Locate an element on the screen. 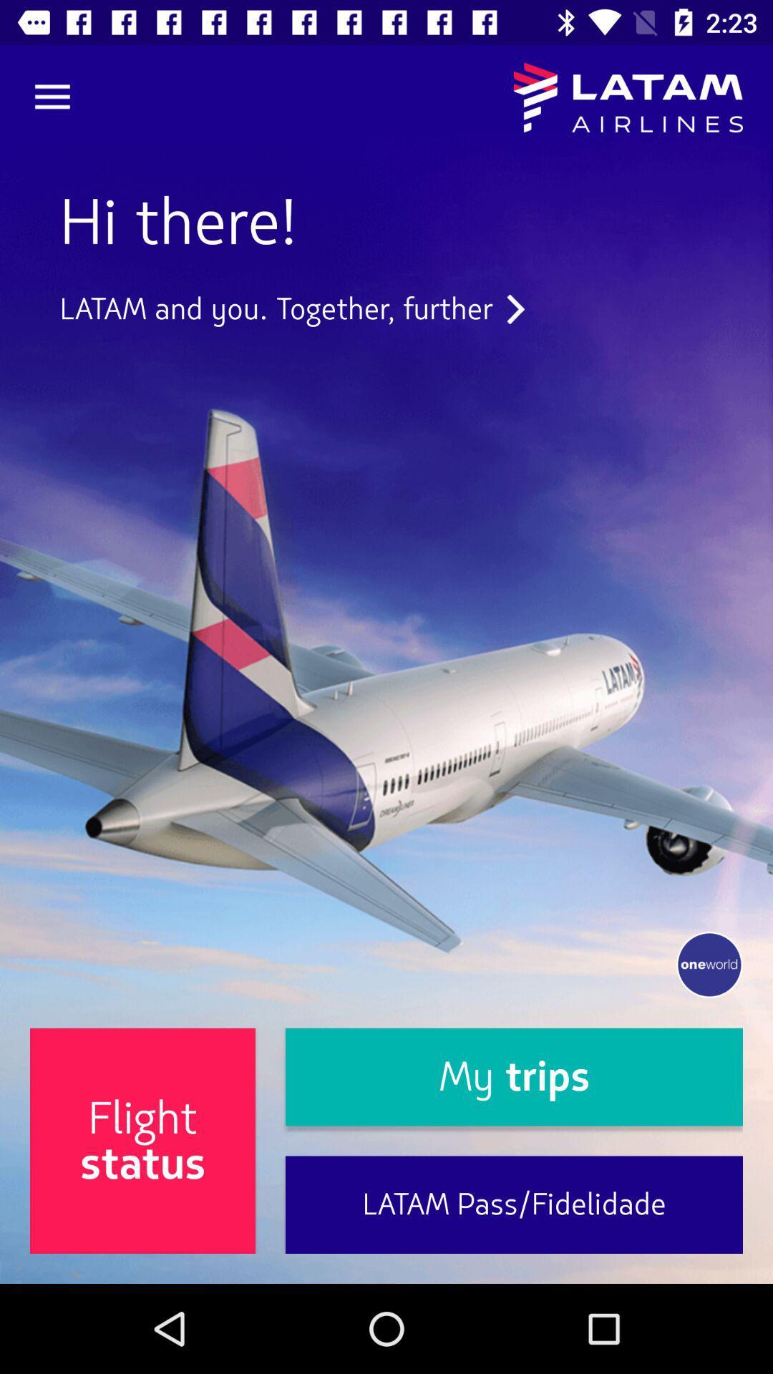 This screenshot has height=1374, width=773. icon below the hi there! icon is located at coordinates (291, 308).